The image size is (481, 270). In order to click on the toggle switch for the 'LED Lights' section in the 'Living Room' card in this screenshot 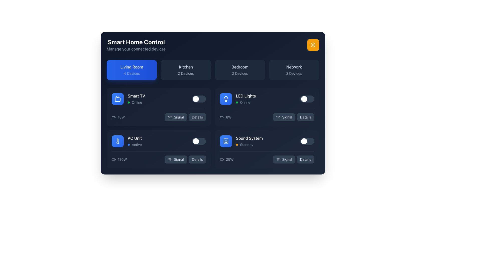, I will do `click(307, 99)`.